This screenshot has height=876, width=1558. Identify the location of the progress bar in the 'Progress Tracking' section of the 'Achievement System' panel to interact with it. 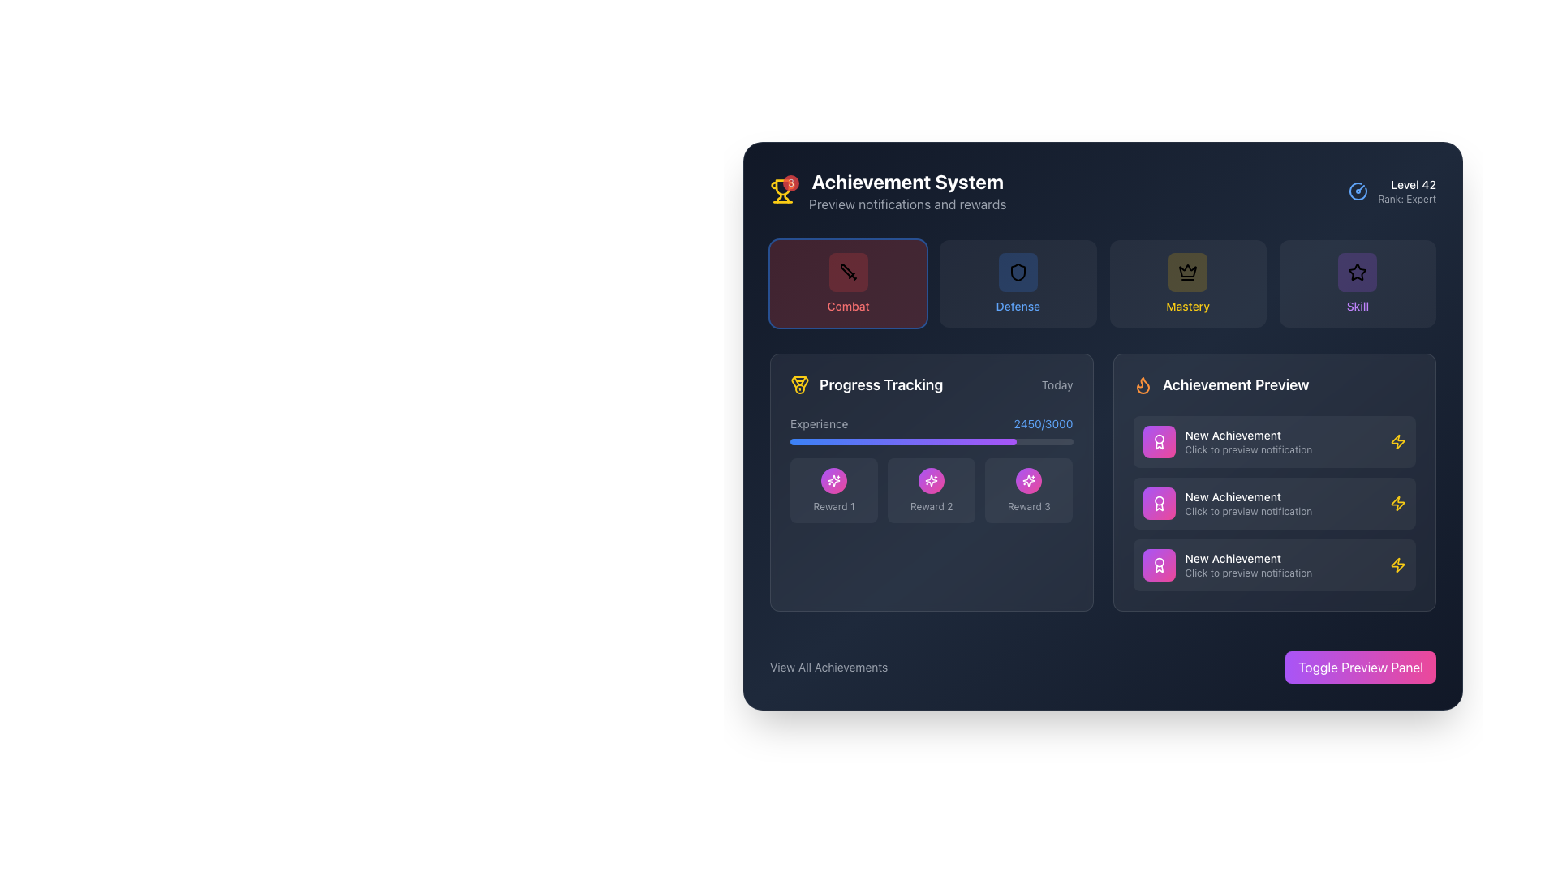
(932, 430).